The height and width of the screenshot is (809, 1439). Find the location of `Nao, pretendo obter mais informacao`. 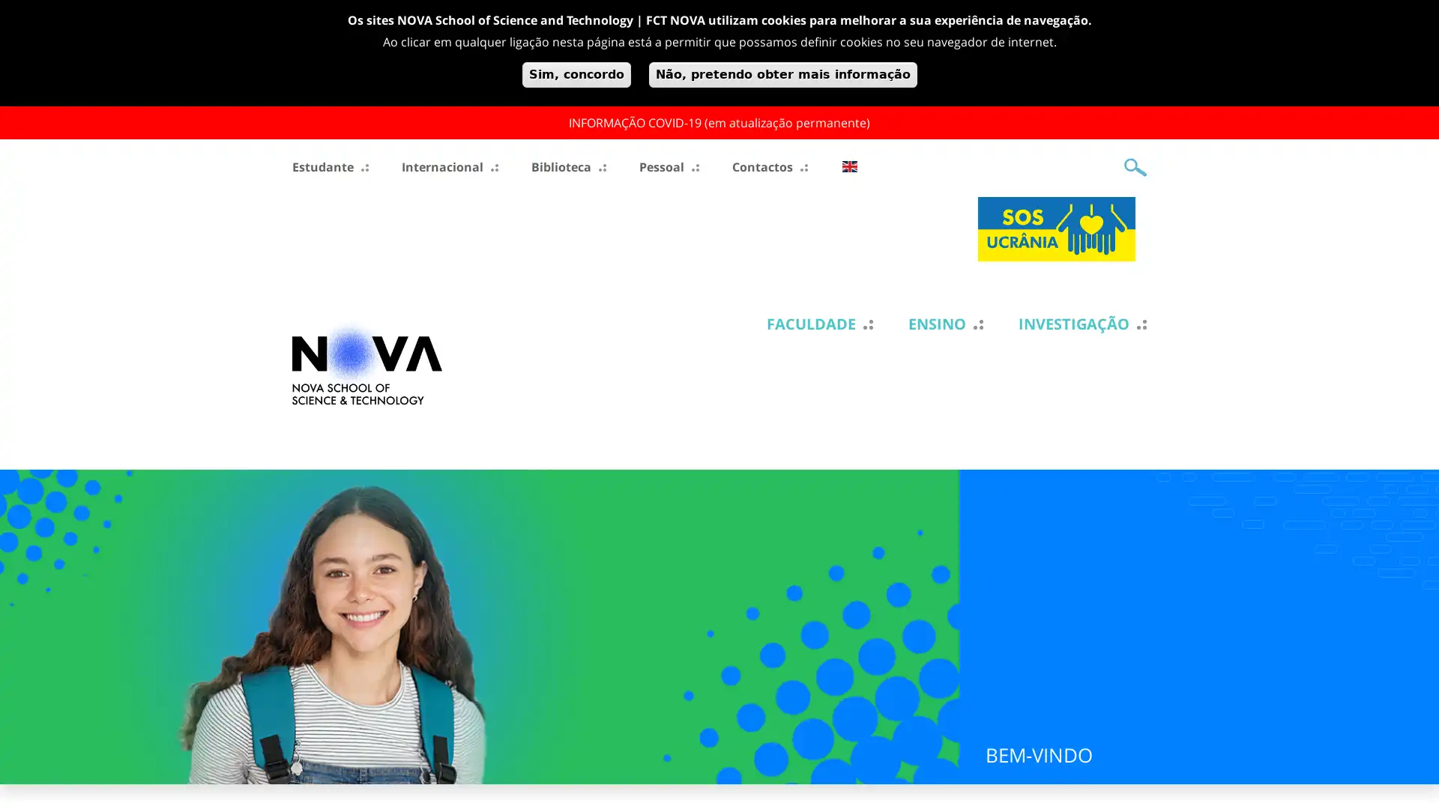

Nao, pretendo obter mais informacao is located at coordinates (781, 75).